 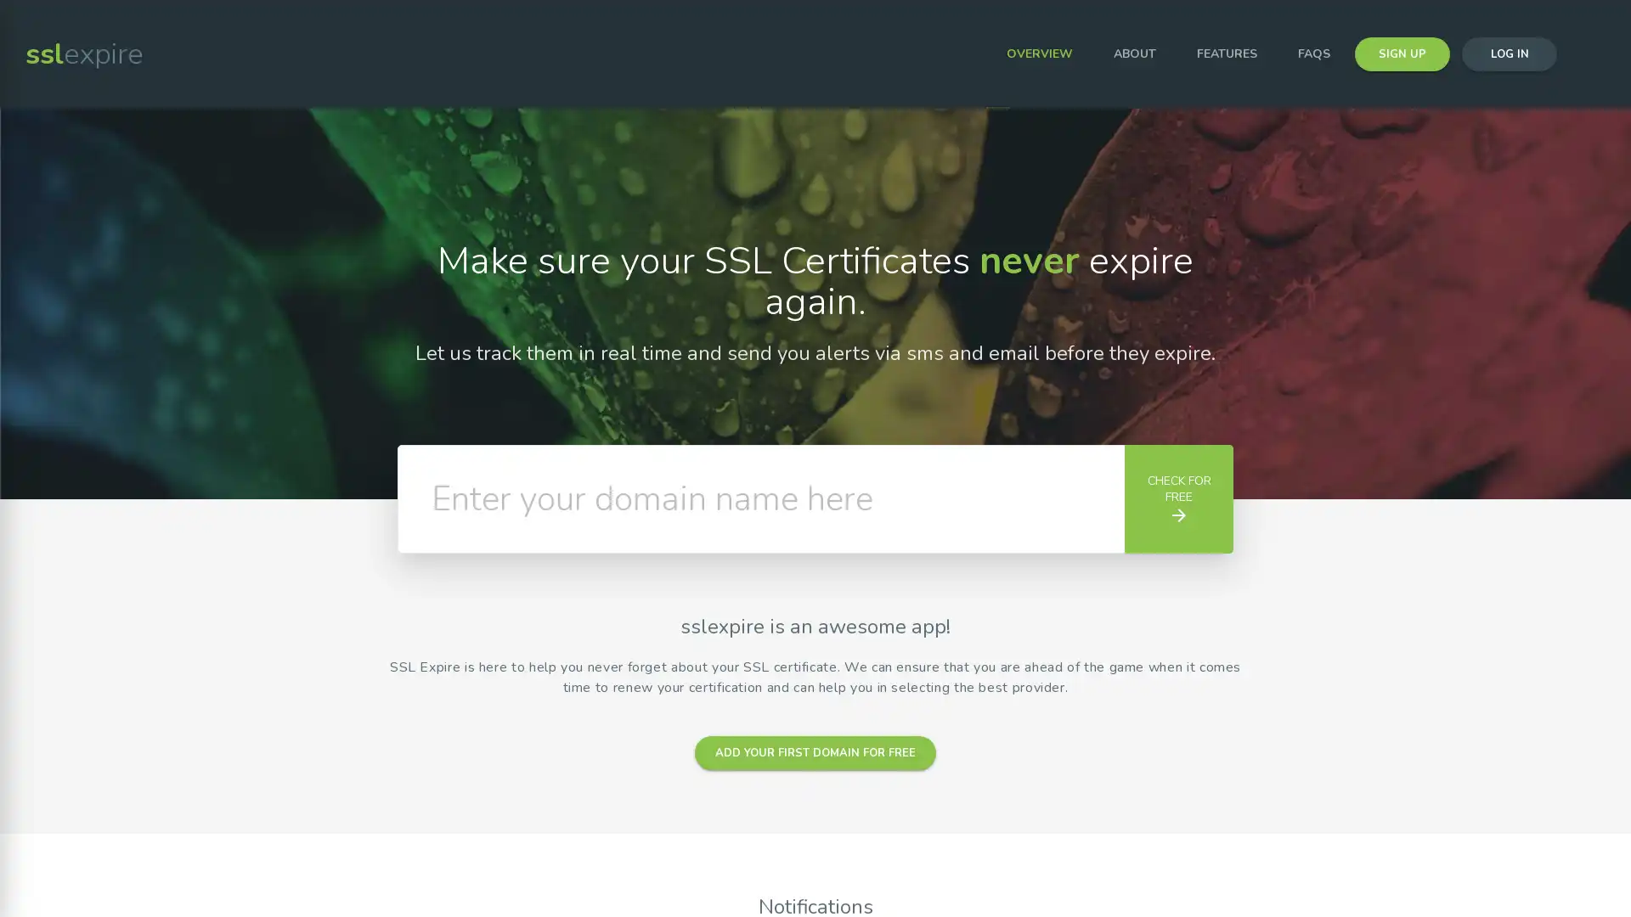 What do you see at coordinates (1177, 498) in the screenshot?
I see `CHECK FOR FREE arrow_forward` at bounding box center [1177, 498].